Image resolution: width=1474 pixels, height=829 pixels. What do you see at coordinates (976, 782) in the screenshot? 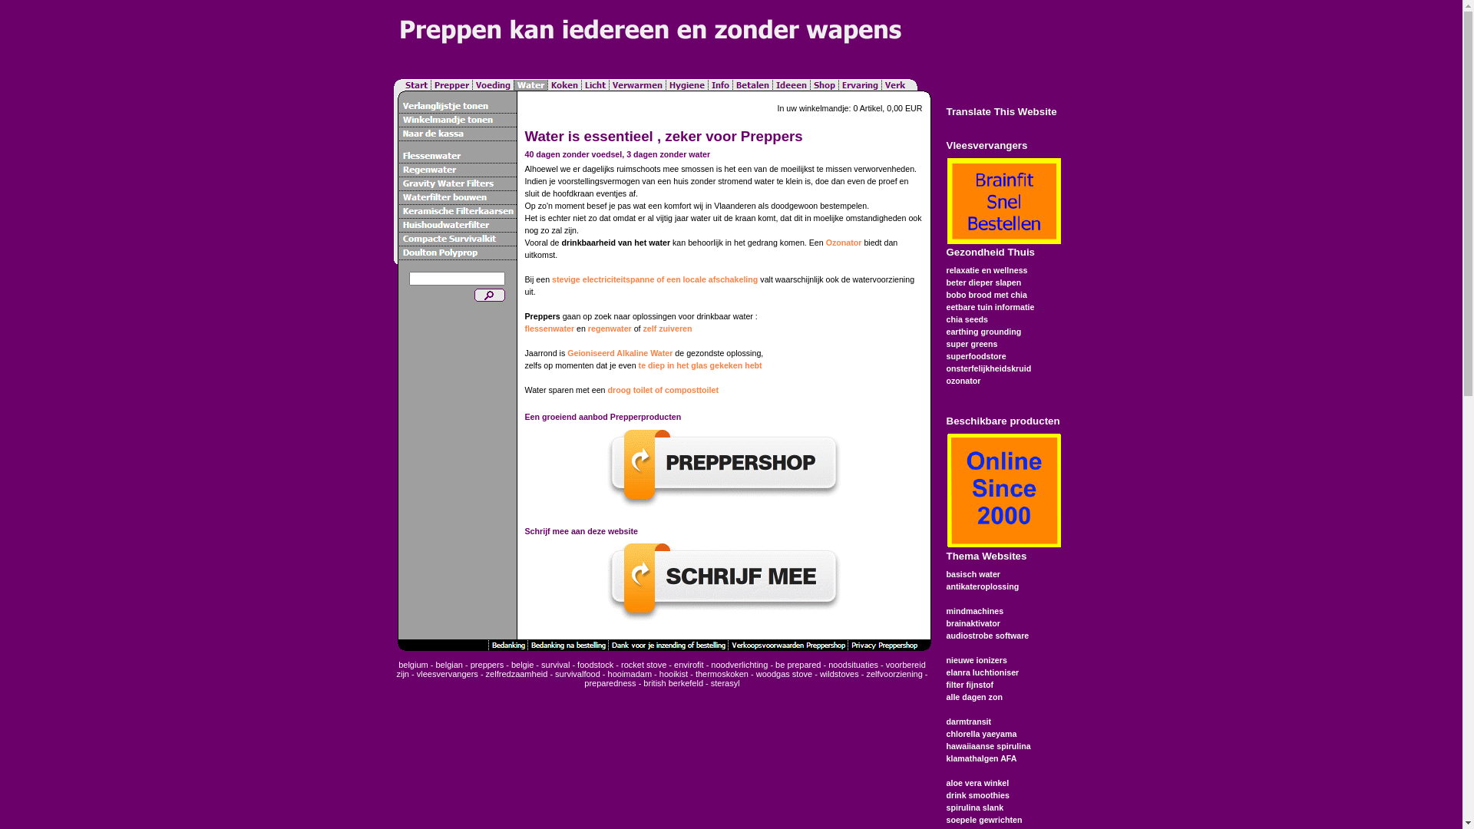
I see `'aloe vera winkel'` at bounding box center [976, 782].